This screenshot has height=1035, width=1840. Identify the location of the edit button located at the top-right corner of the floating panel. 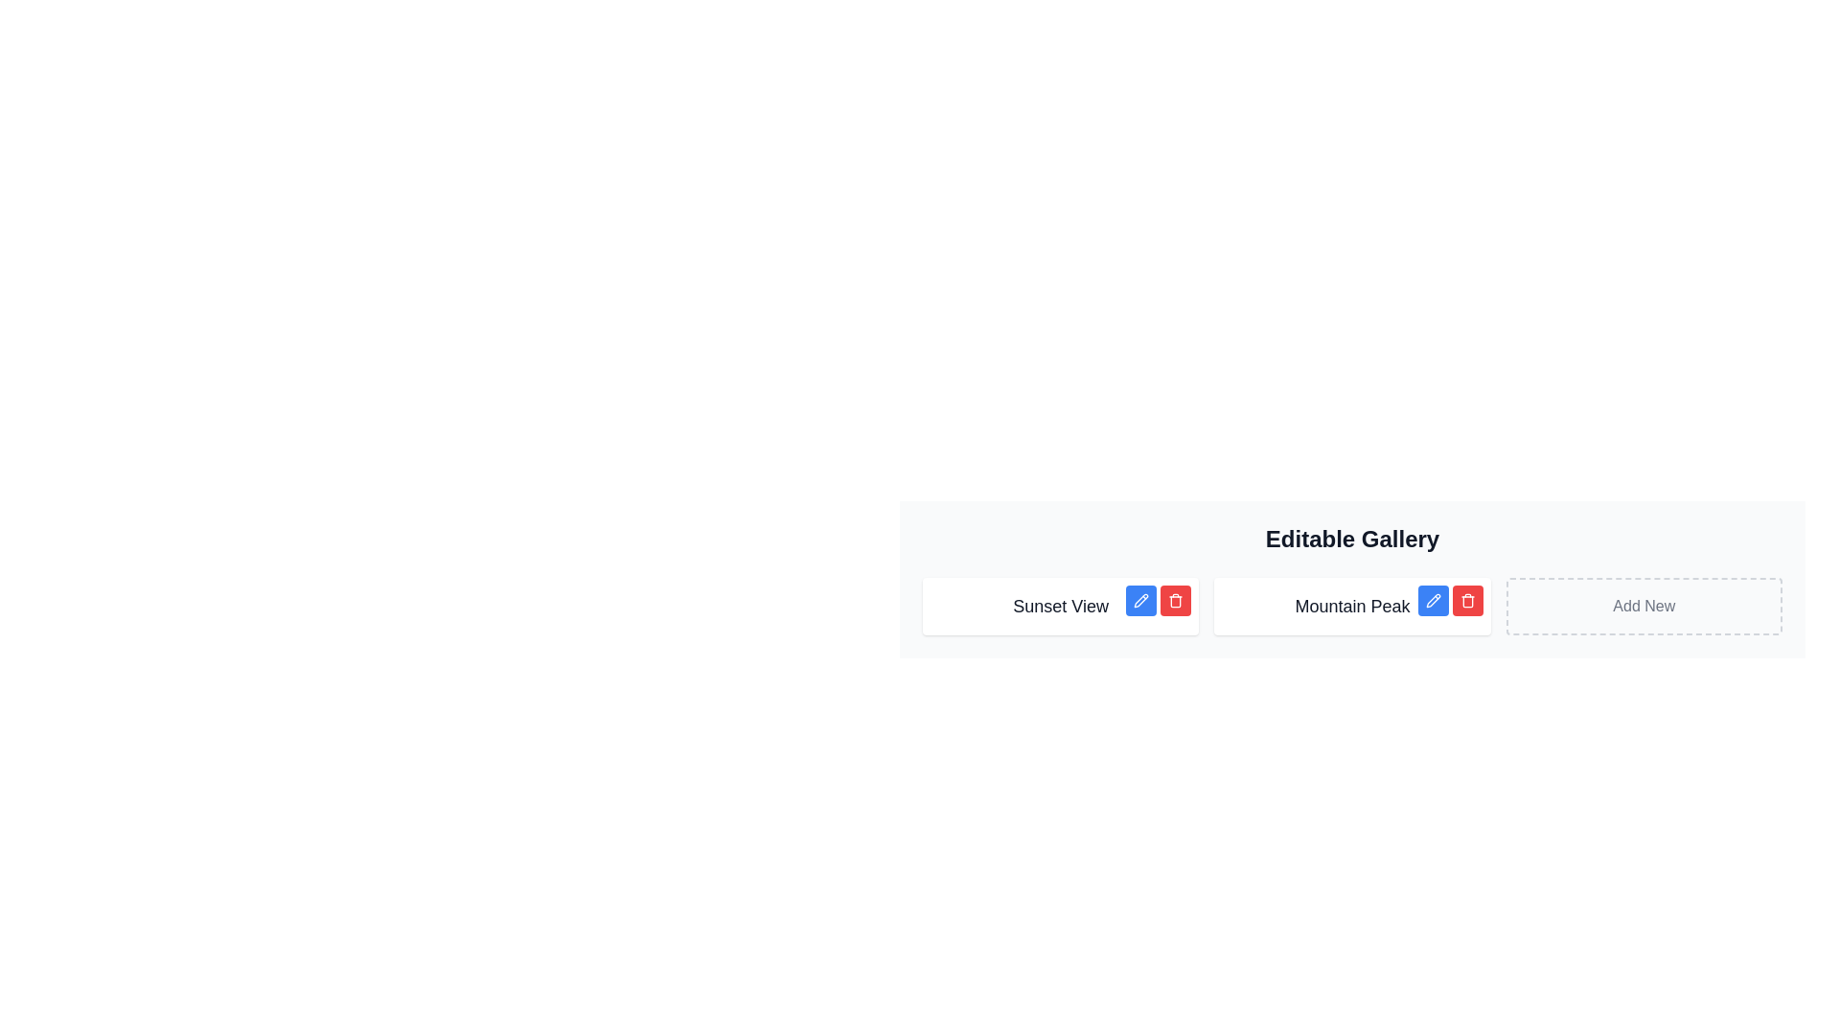
(1140, 600).